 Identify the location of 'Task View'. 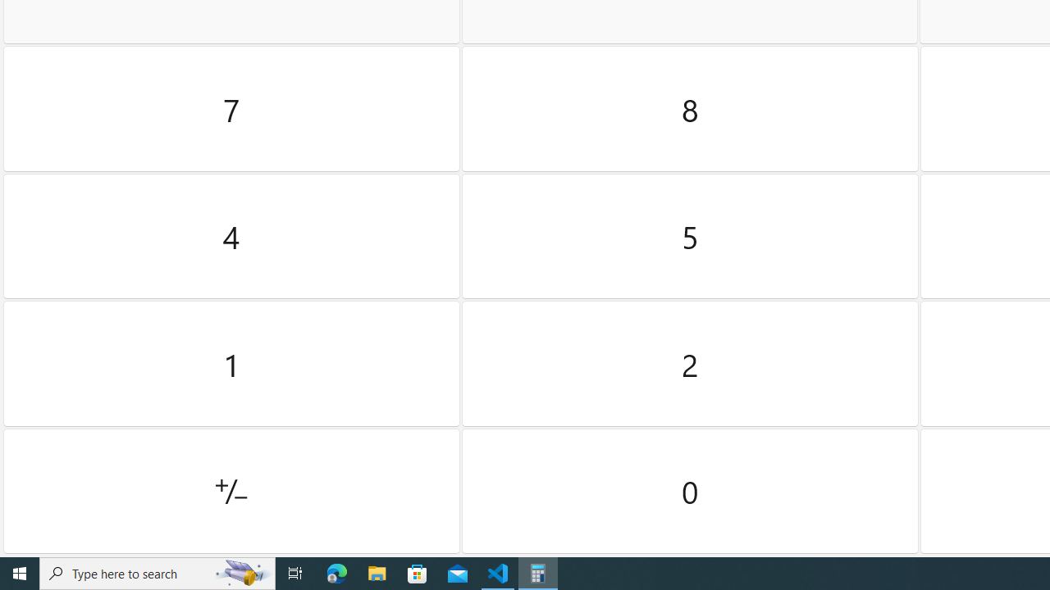
(294, 572).